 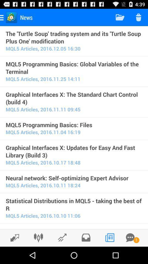 What do you see at coordinates (74, 228) in the screenshot?
I see `quick evaluation of icon` at bounding box center [74, 228].